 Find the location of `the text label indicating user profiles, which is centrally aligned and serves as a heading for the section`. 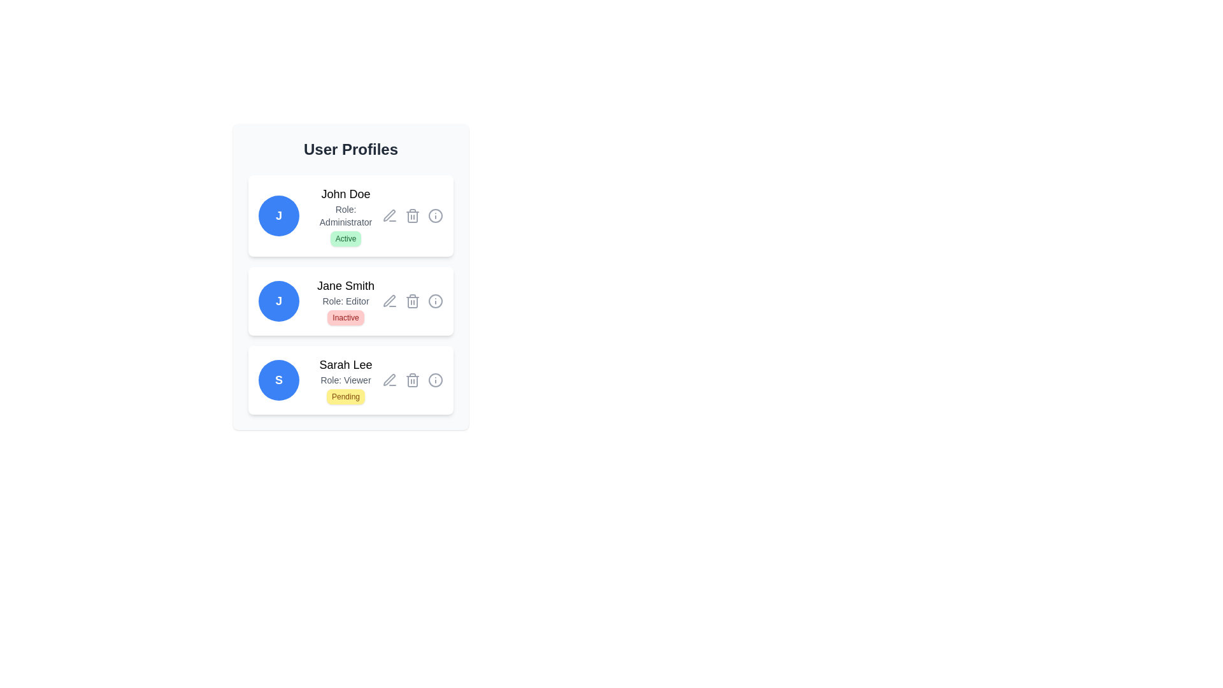

the text label indicating user profiles, which is centrally aligned and serves as a heading for the section is located at coordinates (351, 149).